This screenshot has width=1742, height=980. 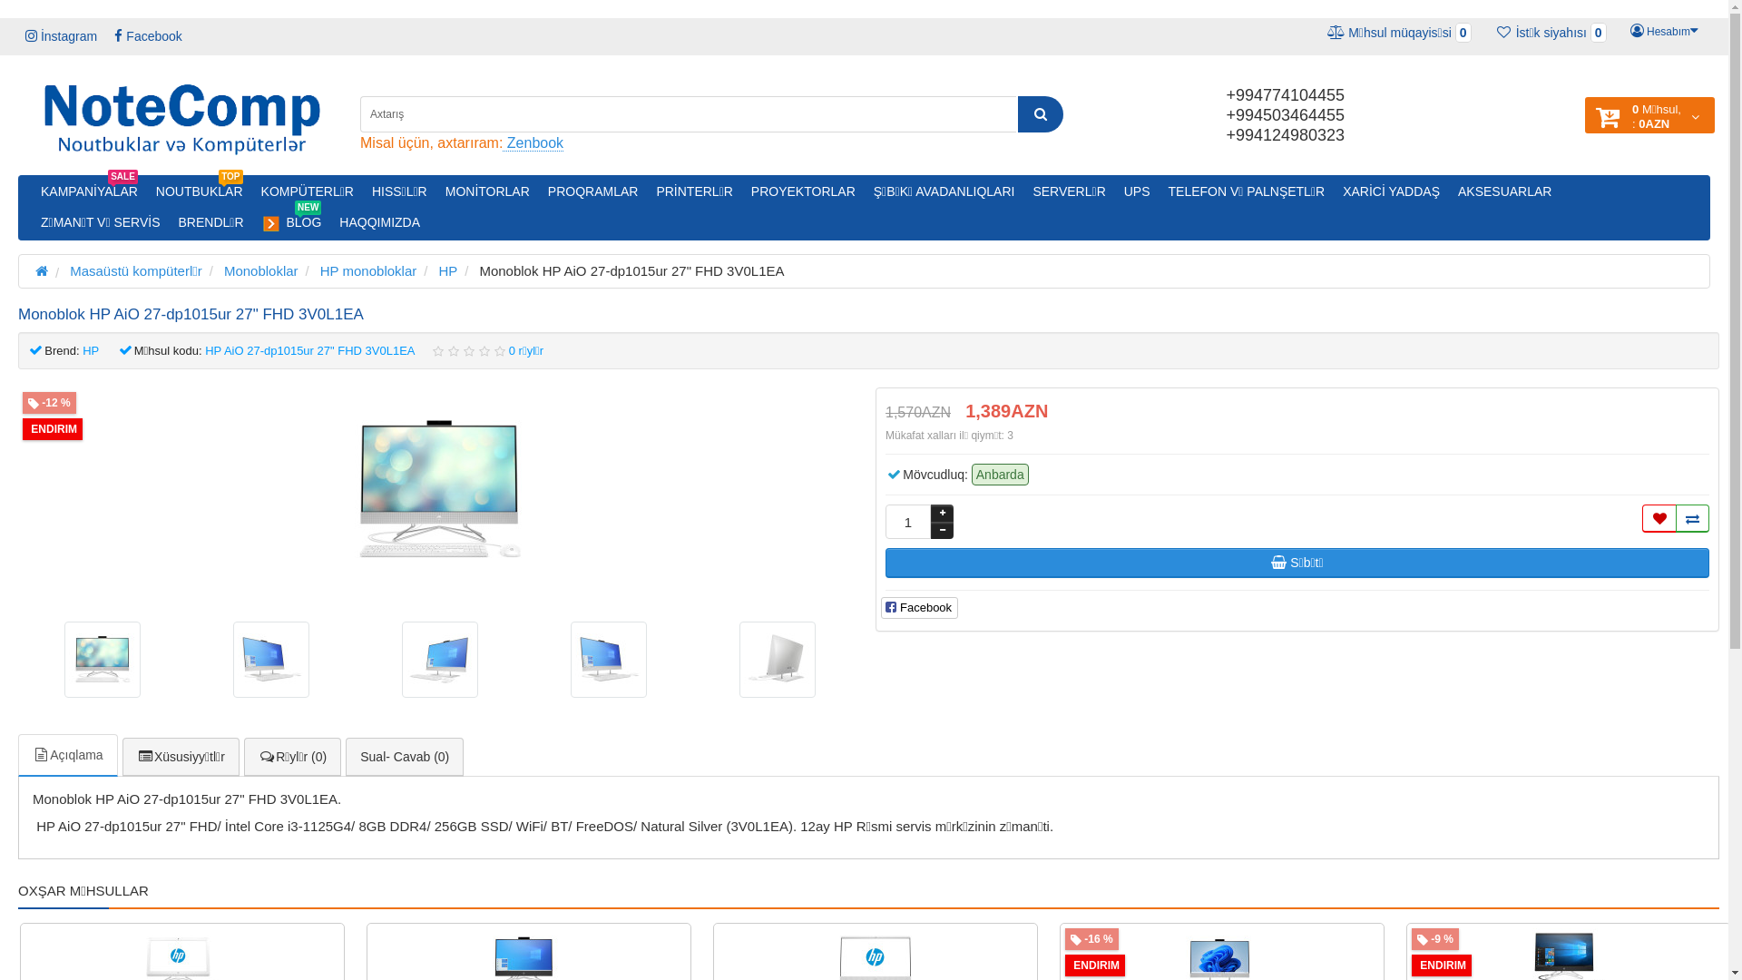 I want to click on '+994503464455', so click(x=1284, y=115).